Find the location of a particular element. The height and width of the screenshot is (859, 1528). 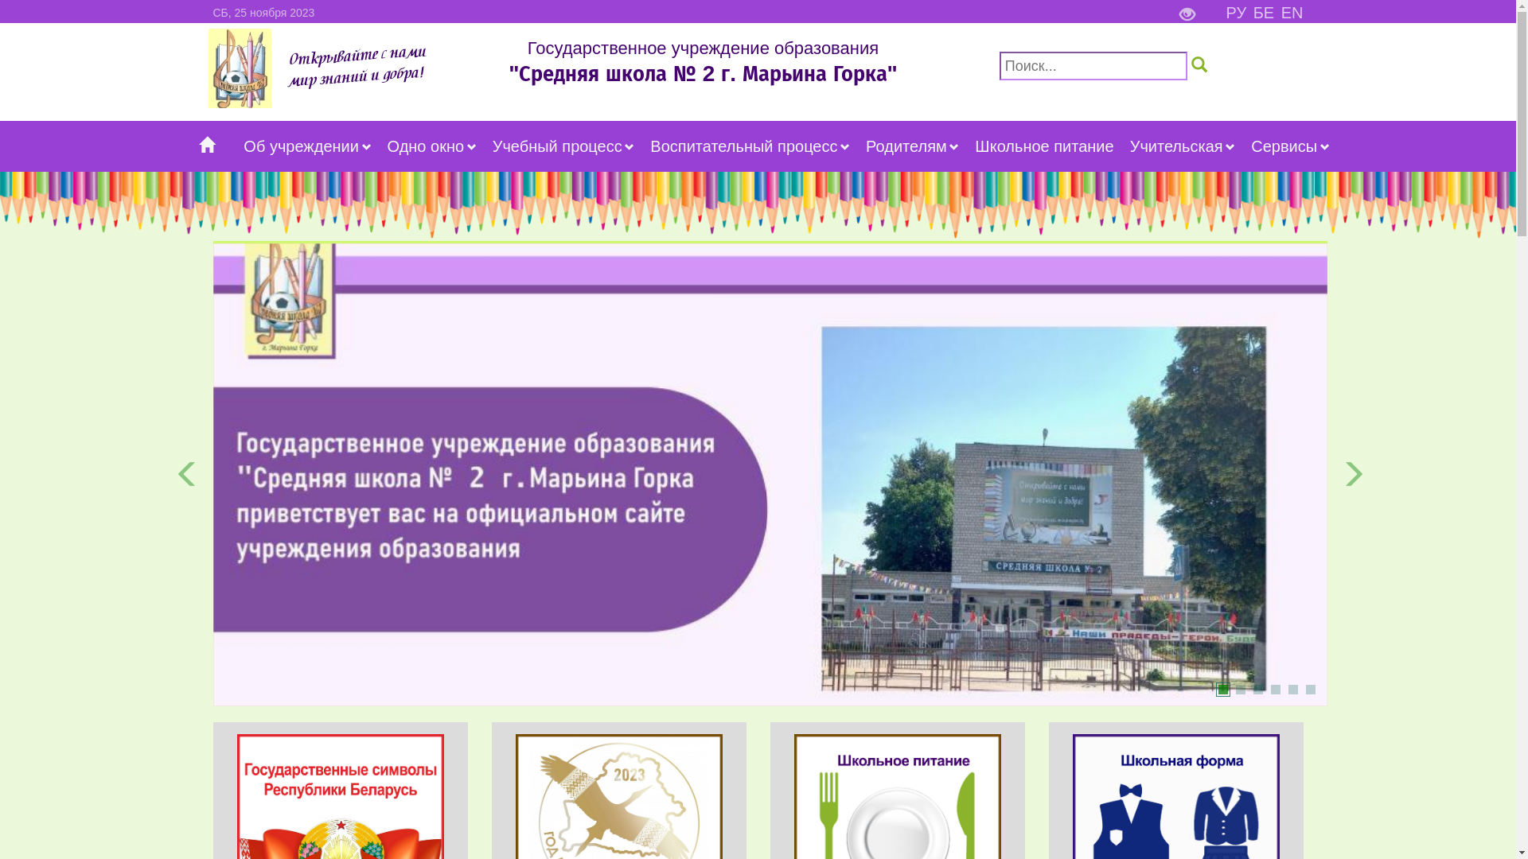

'6' is located at coordinates (1310, 689).